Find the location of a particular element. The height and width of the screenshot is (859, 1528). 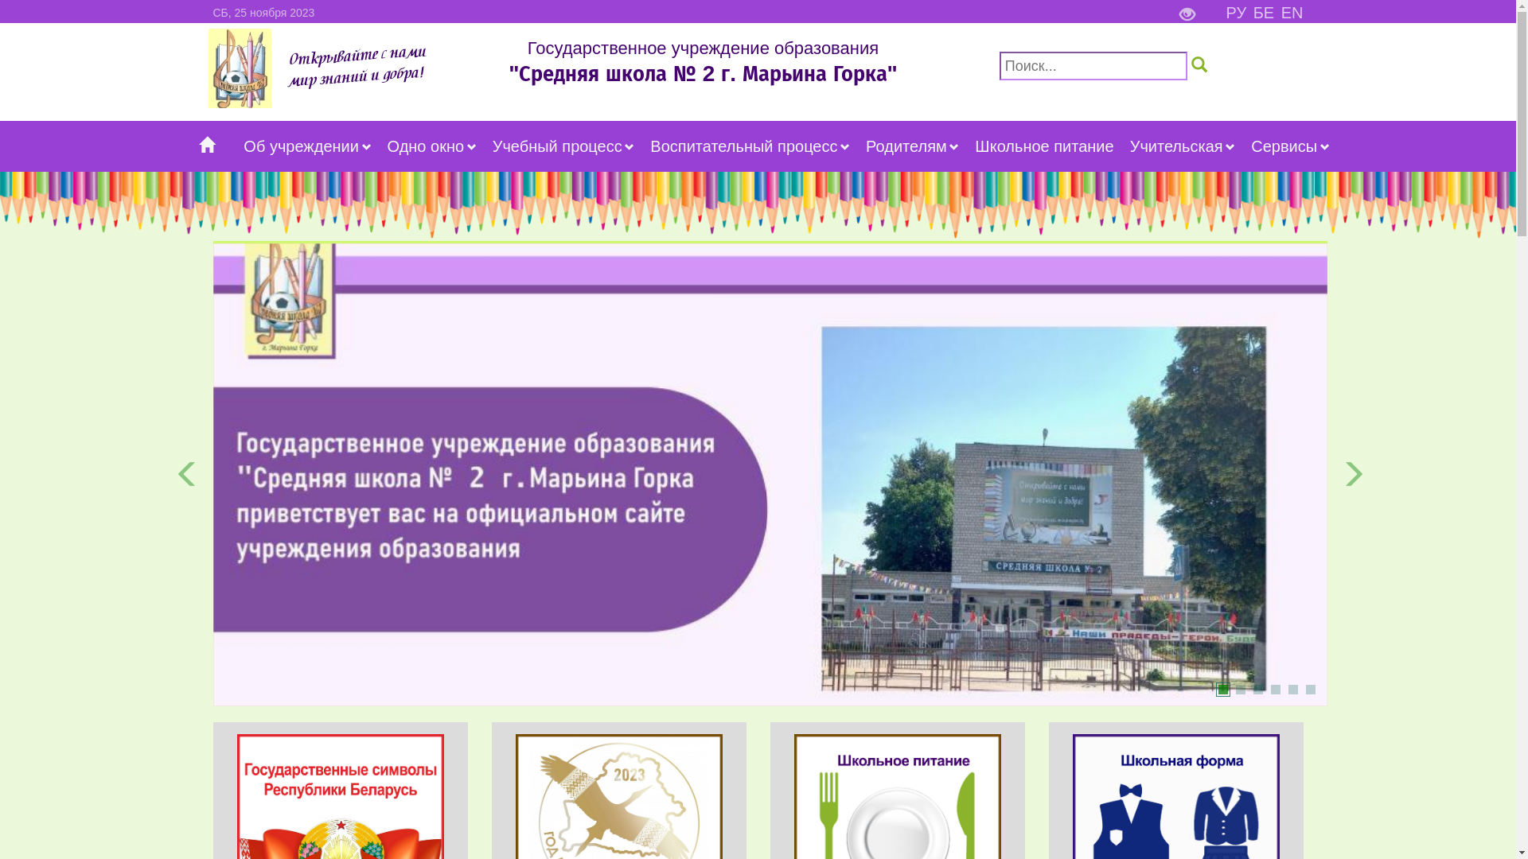

'6' is located at coordinates (1310, 689).